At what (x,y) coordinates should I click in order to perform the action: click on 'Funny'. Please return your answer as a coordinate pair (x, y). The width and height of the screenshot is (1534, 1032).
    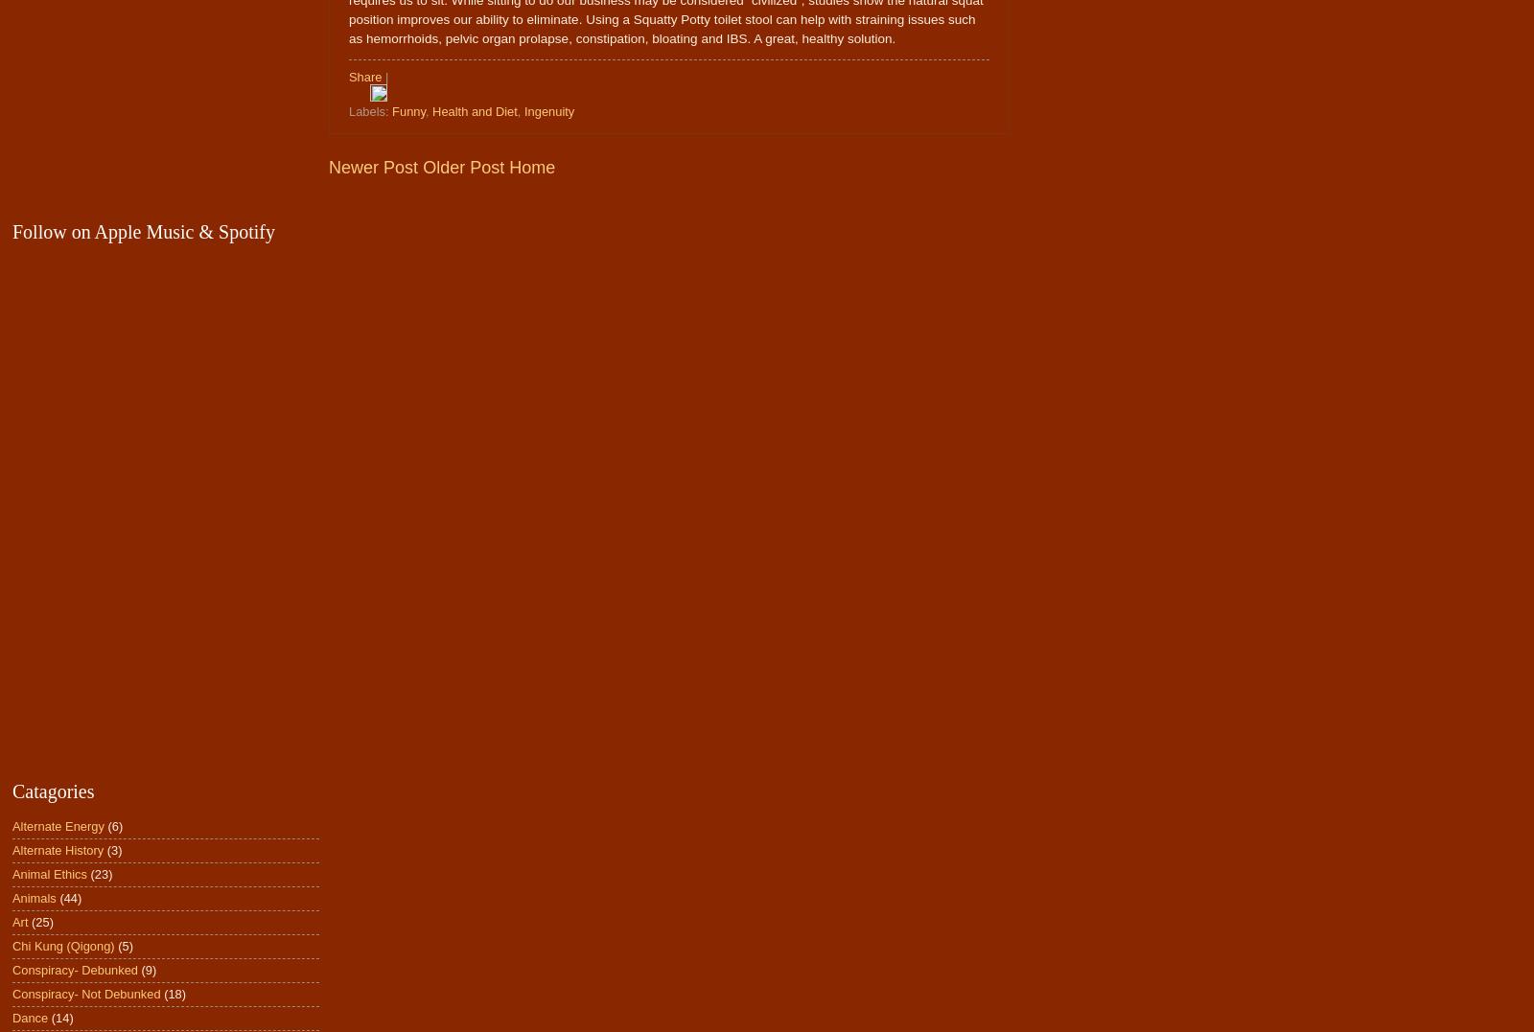
    Looking at the image, I should click on (407, 109).